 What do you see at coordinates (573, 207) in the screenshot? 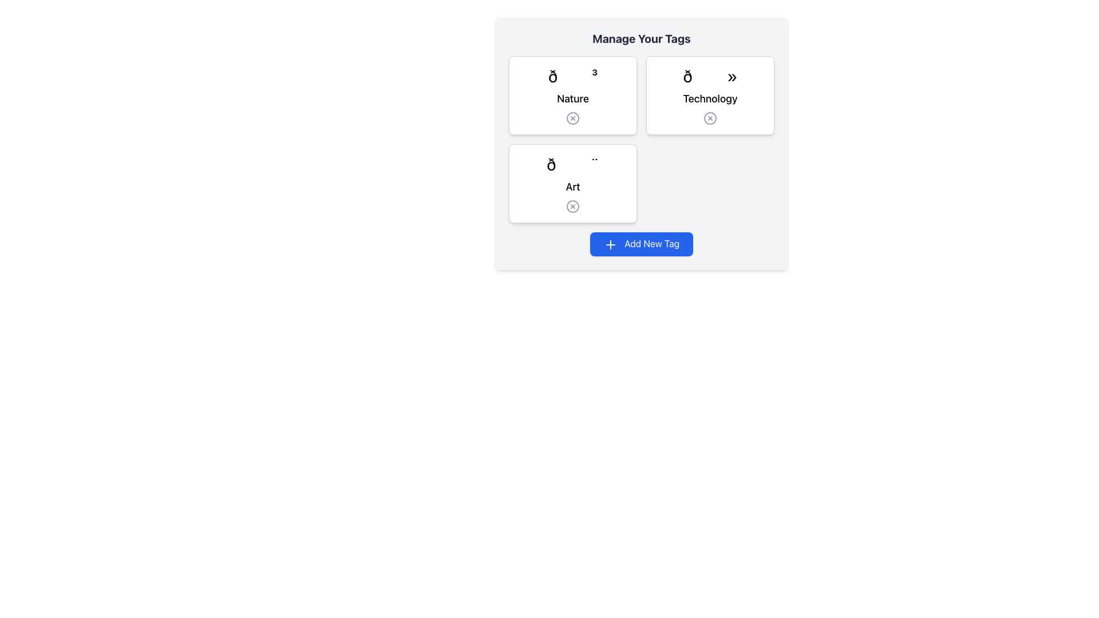
I see `the small circular SVG element that is part of a button resembling an 'X' symbol, located within the 'Art' tag card in the 'Manage Your Tags' section` at bounding box center [573, 207].